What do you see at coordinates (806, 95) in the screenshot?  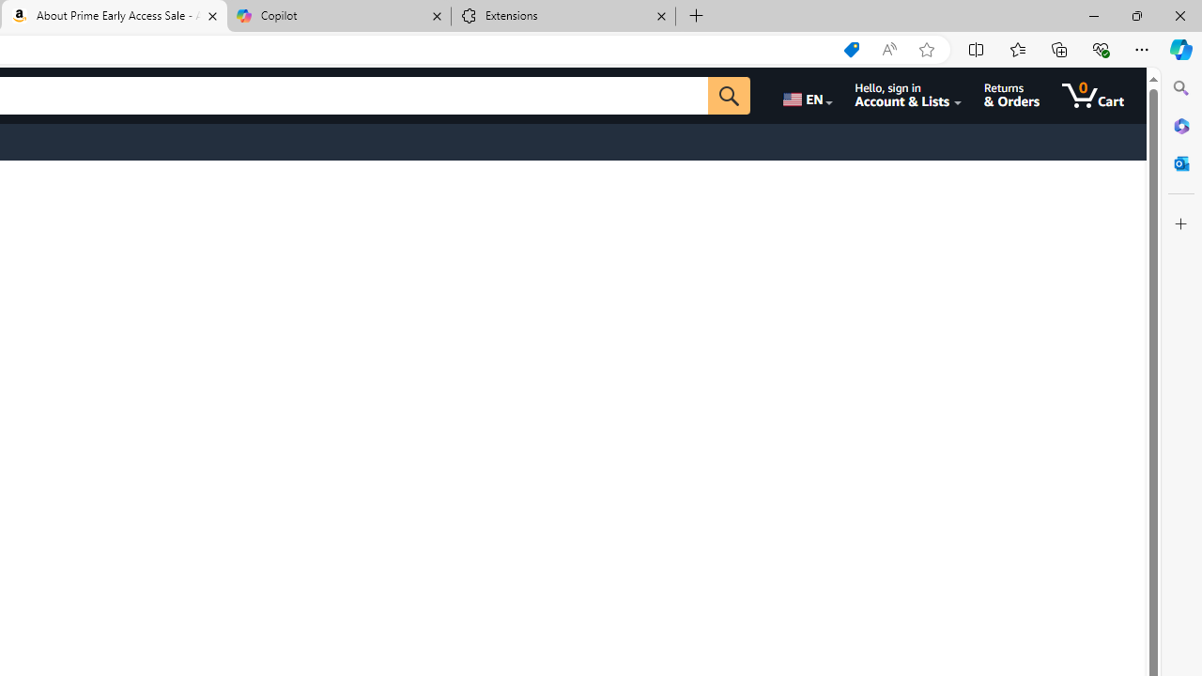 I see `'Choose a language for shopping.'` at bounding box center [806, 95].